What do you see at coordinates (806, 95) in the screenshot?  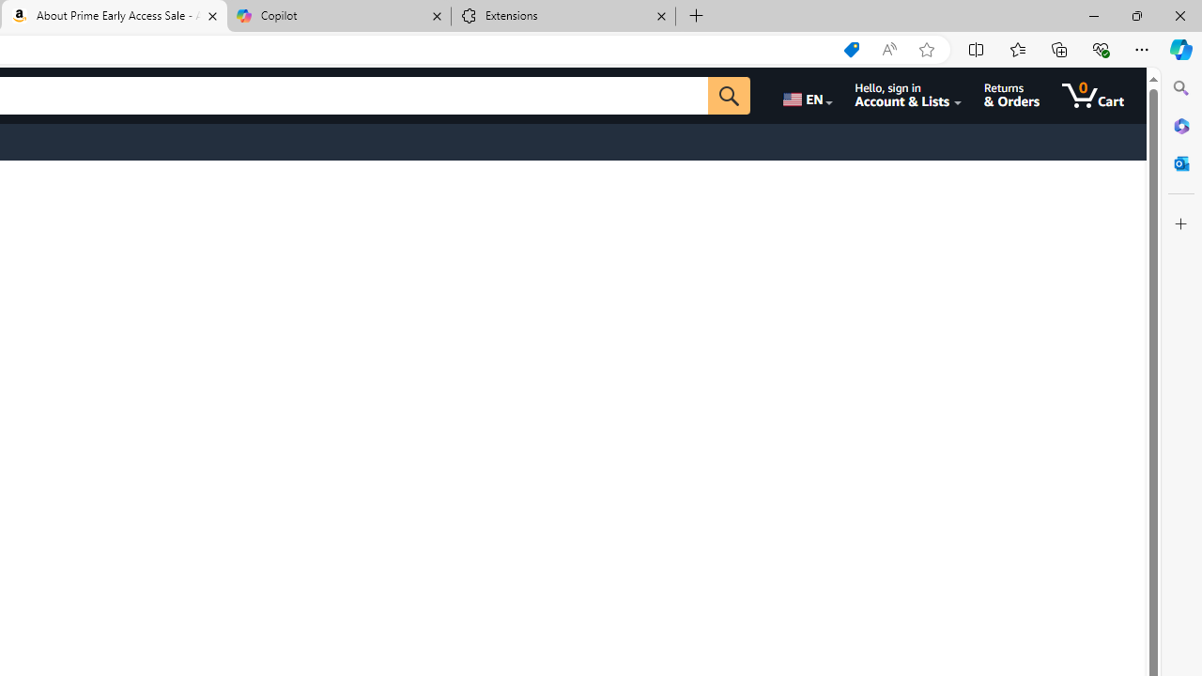 I see `'Choose a language for shopping.'` at bounding box center [806, 95].